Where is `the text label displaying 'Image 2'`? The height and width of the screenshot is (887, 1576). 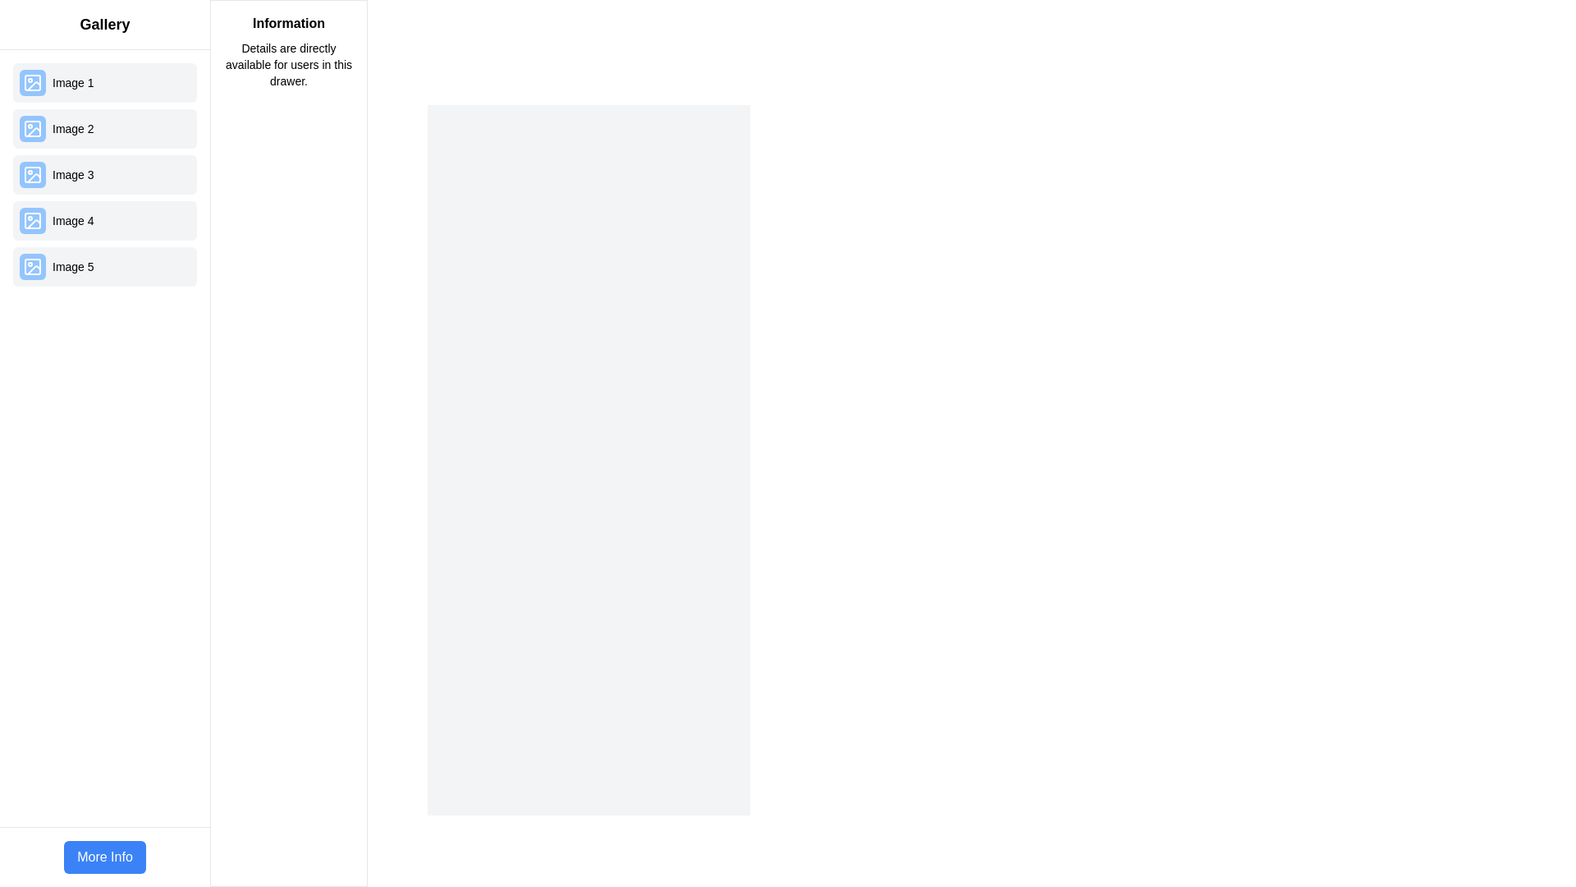 the text label displaying 'Image 2' is located at coordinates (72, 128).